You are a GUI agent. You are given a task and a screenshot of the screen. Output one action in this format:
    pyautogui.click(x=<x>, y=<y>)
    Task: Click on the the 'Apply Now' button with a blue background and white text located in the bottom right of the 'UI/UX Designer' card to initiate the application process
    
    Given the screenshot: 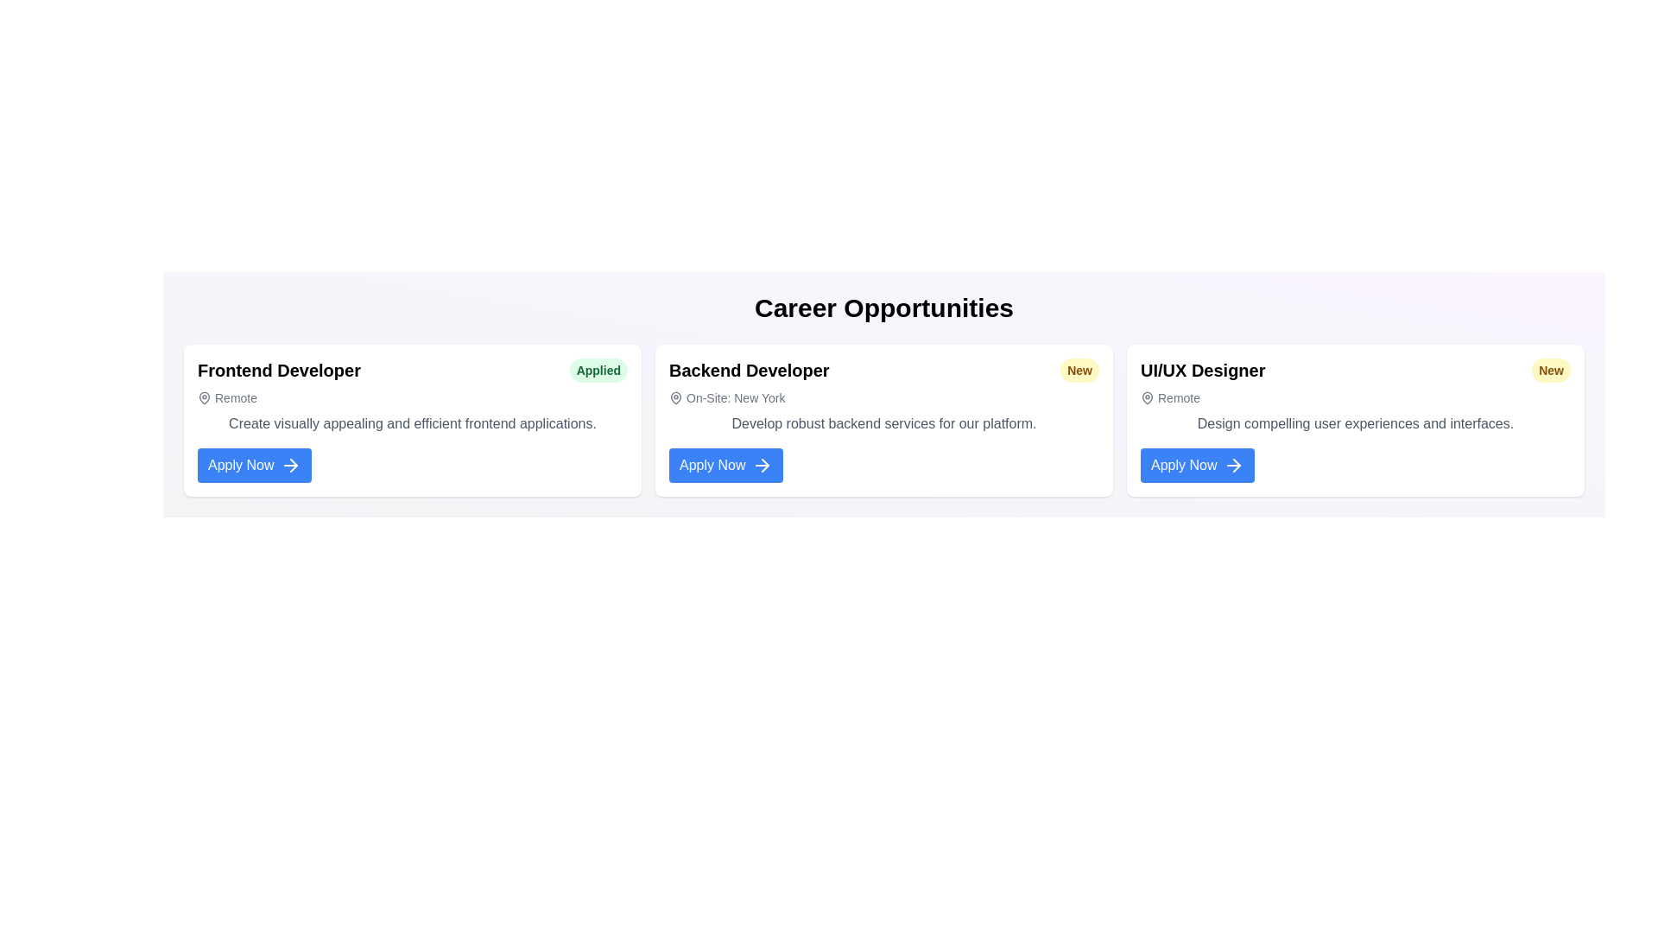 What is the action you would take?
    pyautogui.click(x=1197, y=465)
    